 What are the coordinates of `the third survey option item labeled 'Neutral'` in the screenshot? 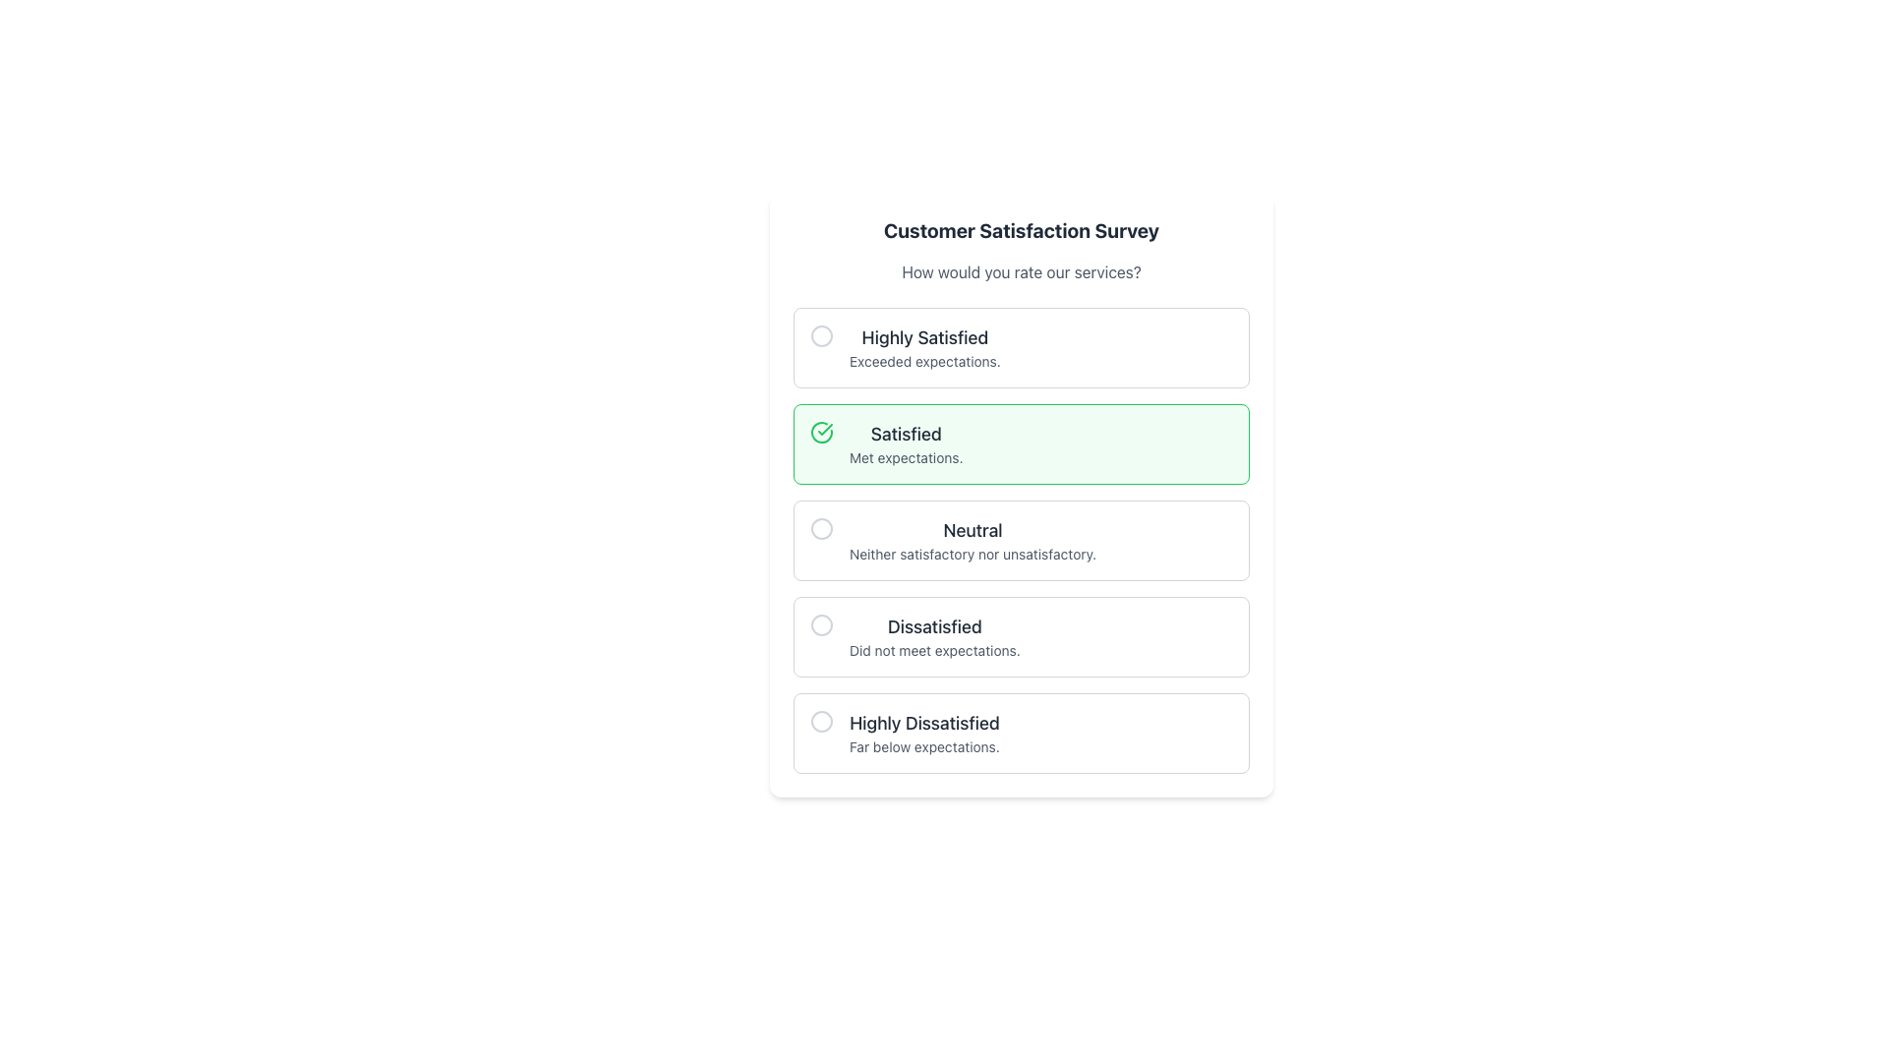 It's located at (973, 541).